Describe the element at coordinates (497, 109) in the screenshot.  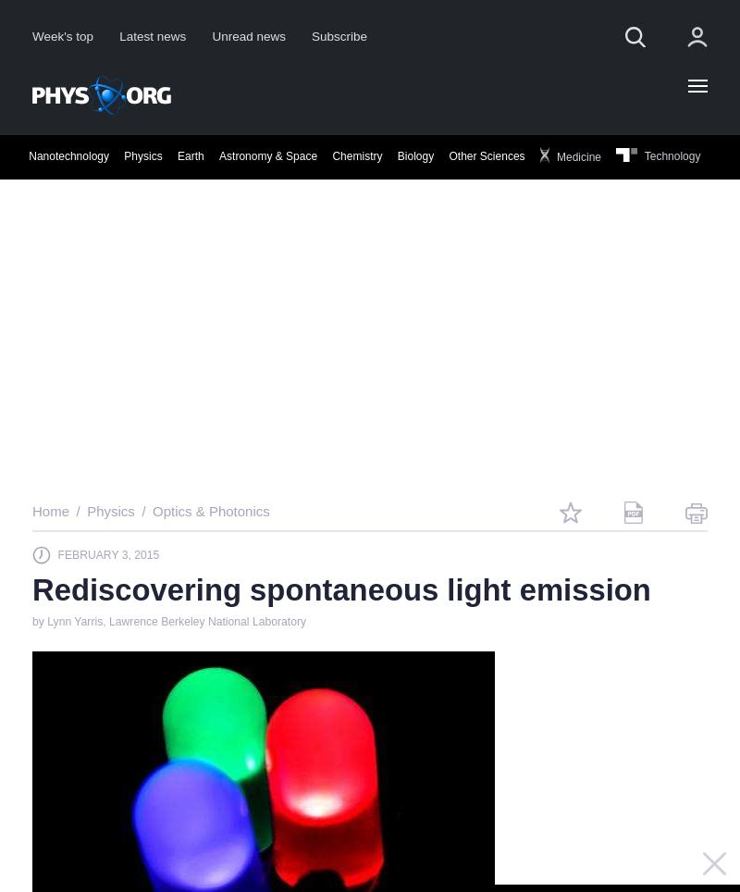
I see `'Science X Account'` at that location.